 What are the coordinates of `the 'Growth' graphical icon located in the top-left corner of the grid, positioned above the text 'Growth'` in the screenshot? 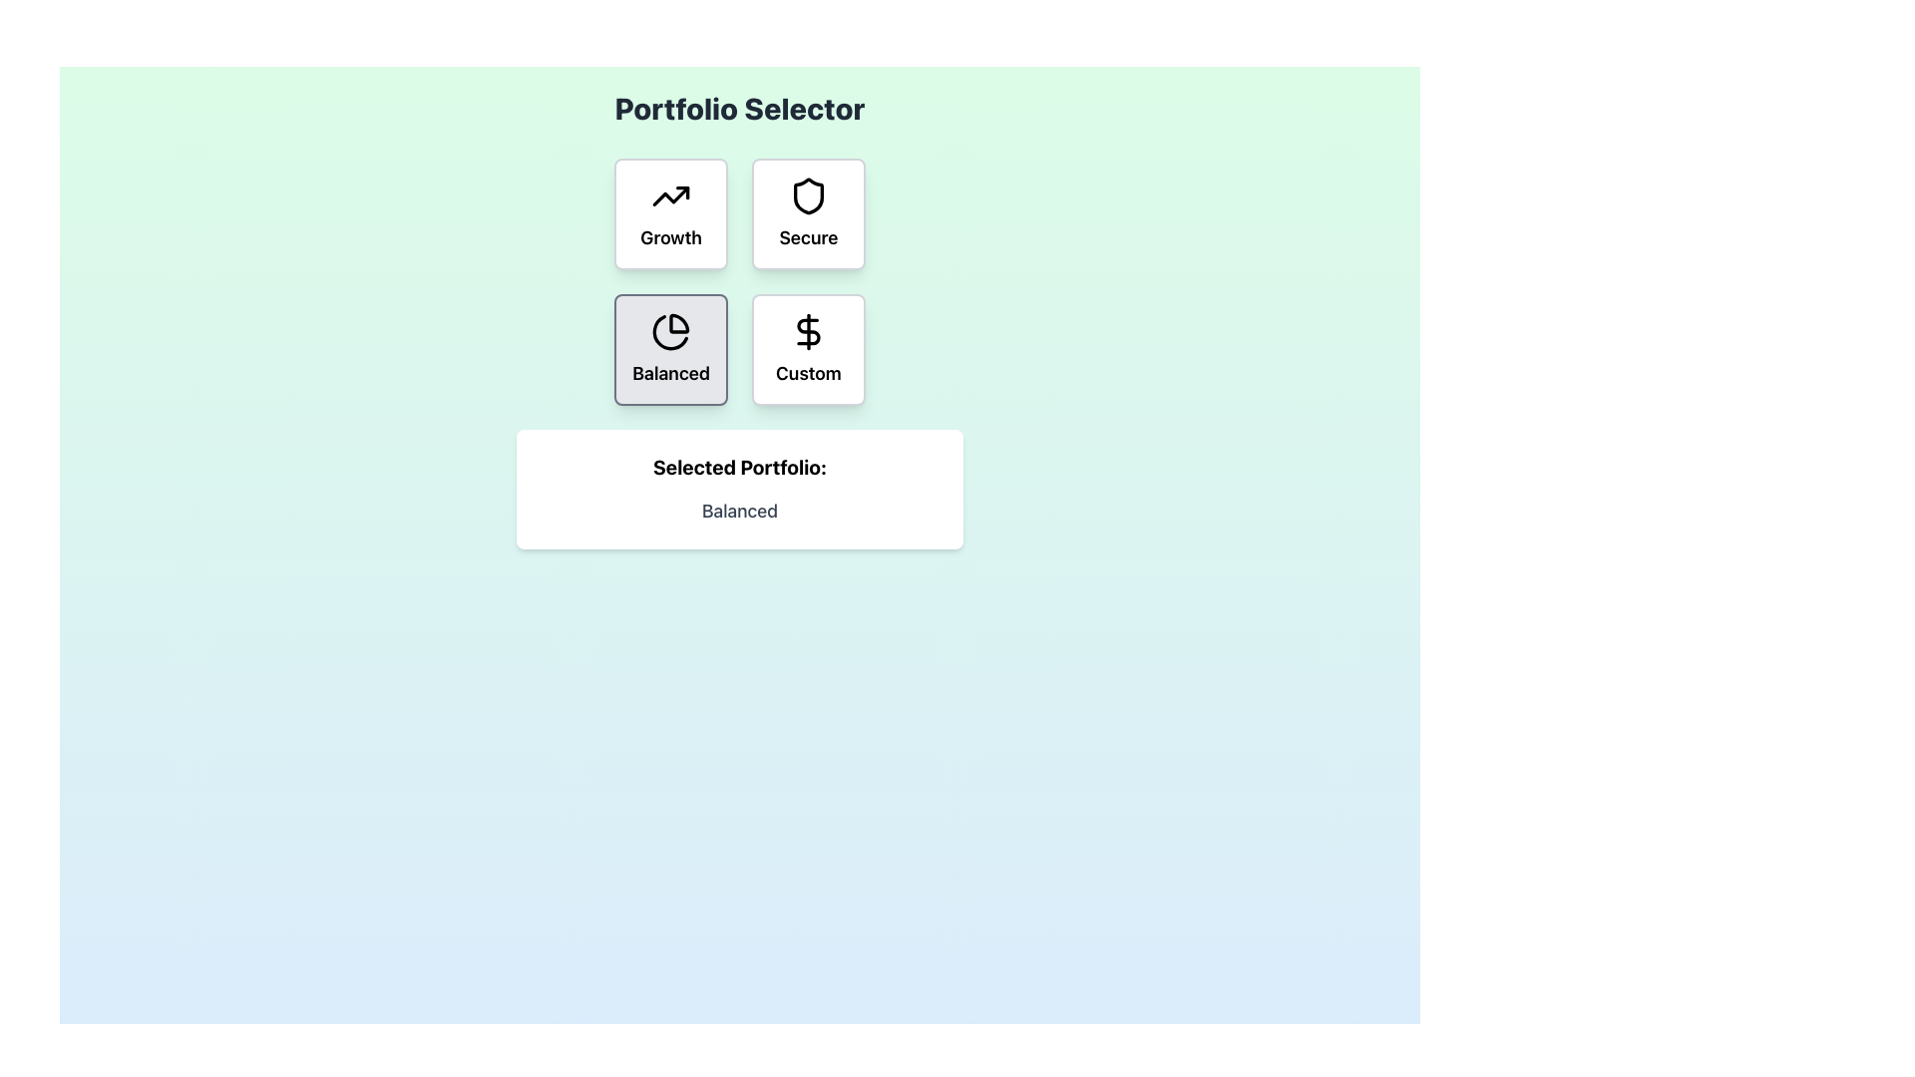 It's located at (671, 195).